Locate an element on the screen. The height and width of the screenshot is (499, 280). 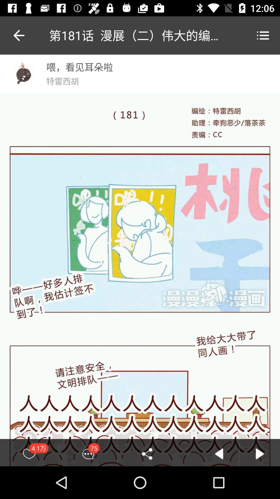
the button at the top right corner of the page is located at coordinates (263, 35).